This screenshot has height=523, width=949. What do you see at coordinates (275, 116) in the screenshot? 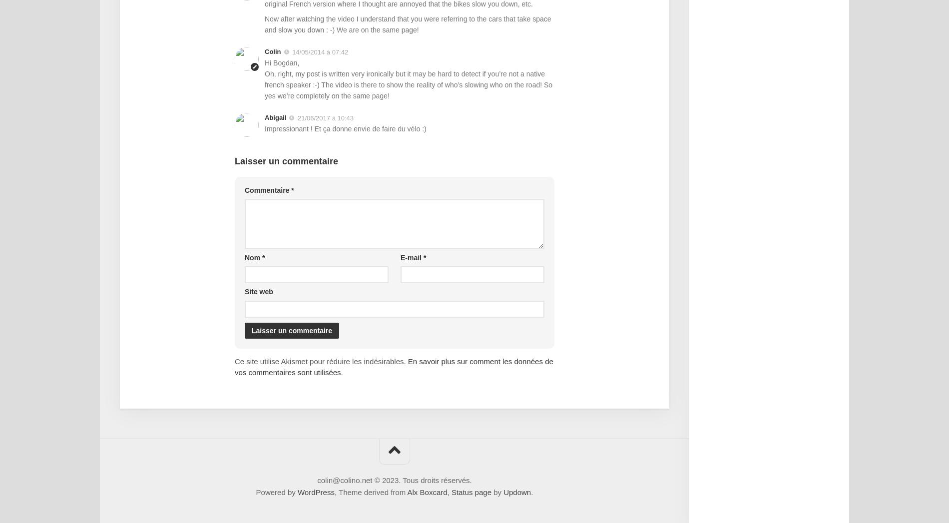
I see `'Abigail'` at bounding box center [275, 116].